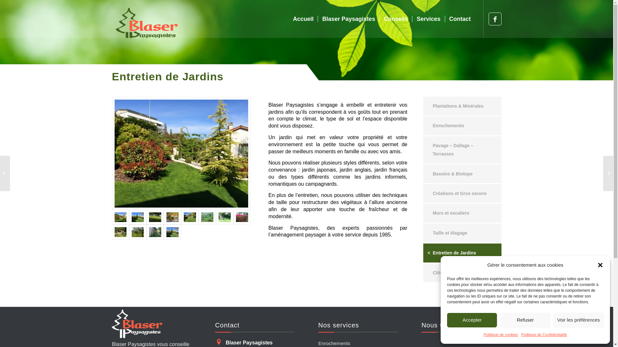 This screenshot has width=618, height=347. I want to click on 'Conseils', so click(395, 18).